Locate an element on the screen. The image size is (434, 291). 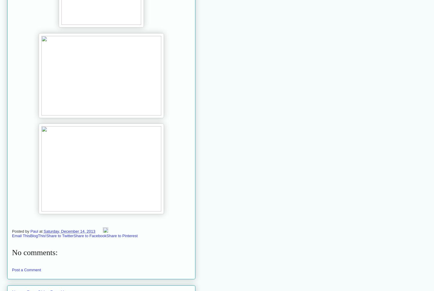
'Post a Comment' is located at coordinates (26, 269).